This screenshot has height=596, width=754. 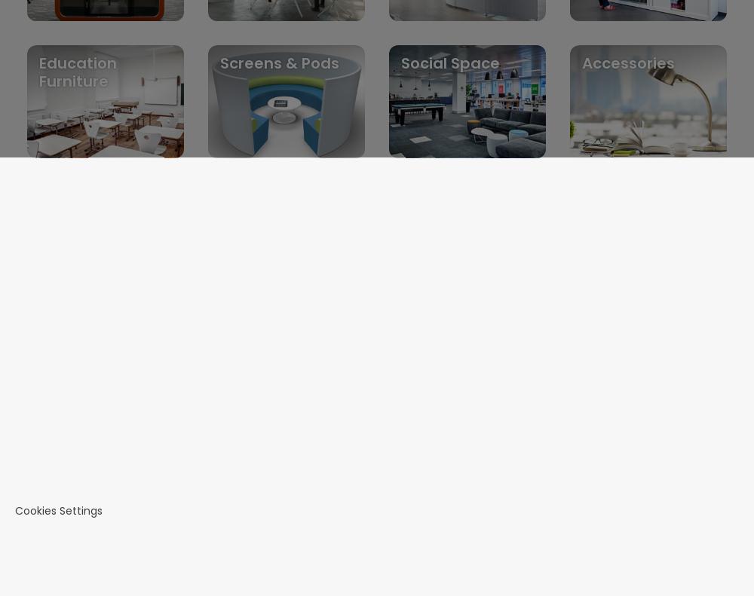 I want to click on 'Accessories', so click(x=627, y=62).